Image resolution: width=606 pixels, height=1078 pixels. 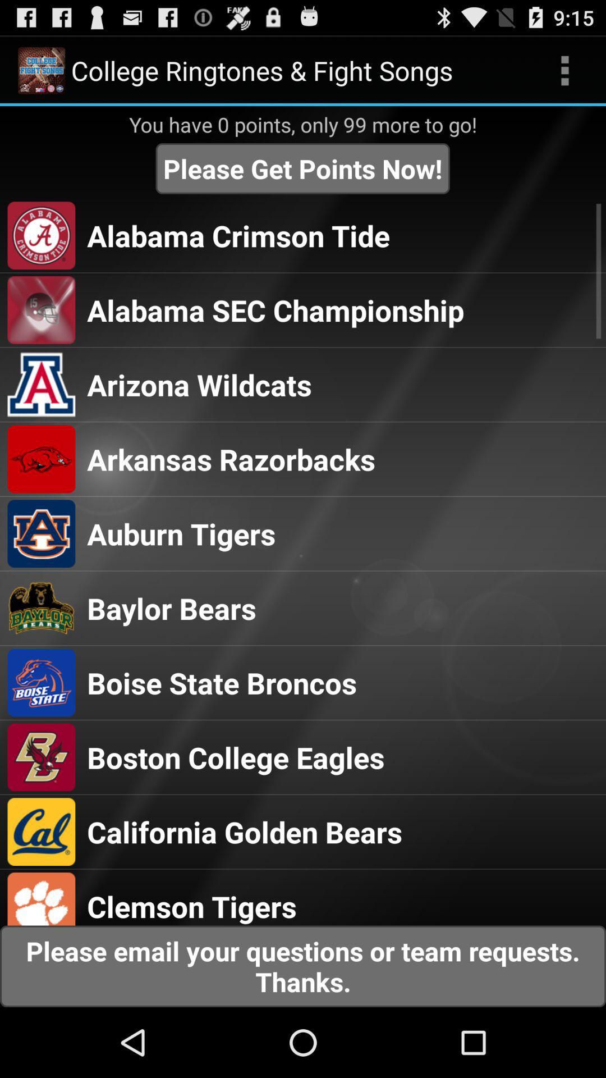 I want to click on the boston college eagles app, so click(x=235, y=757).